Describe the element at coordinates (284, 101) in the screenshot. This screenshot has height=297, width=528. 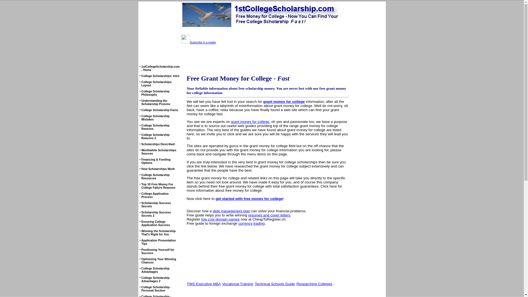
I see `'grant money for college'` at that location.